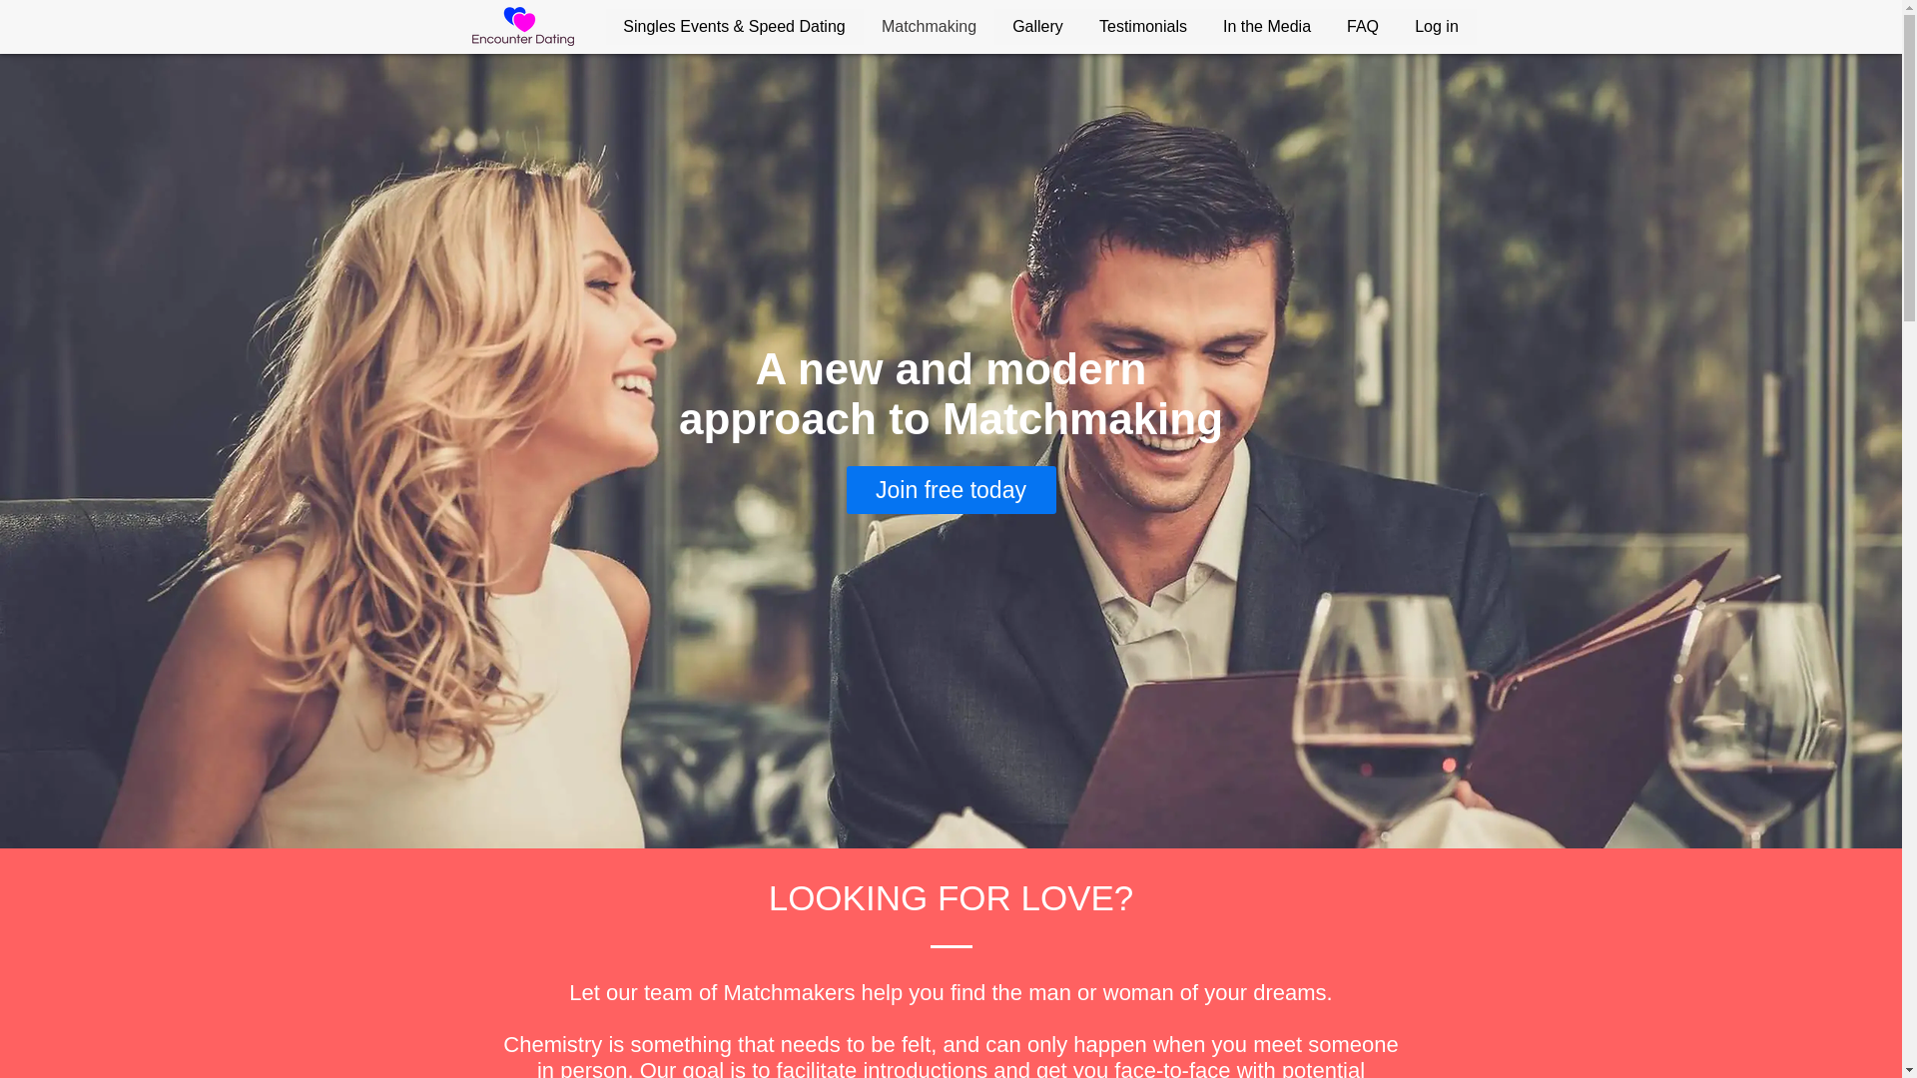 This screenshot has height=1078, width=1917. I want to click on 'Log in', so click(1435, 27).